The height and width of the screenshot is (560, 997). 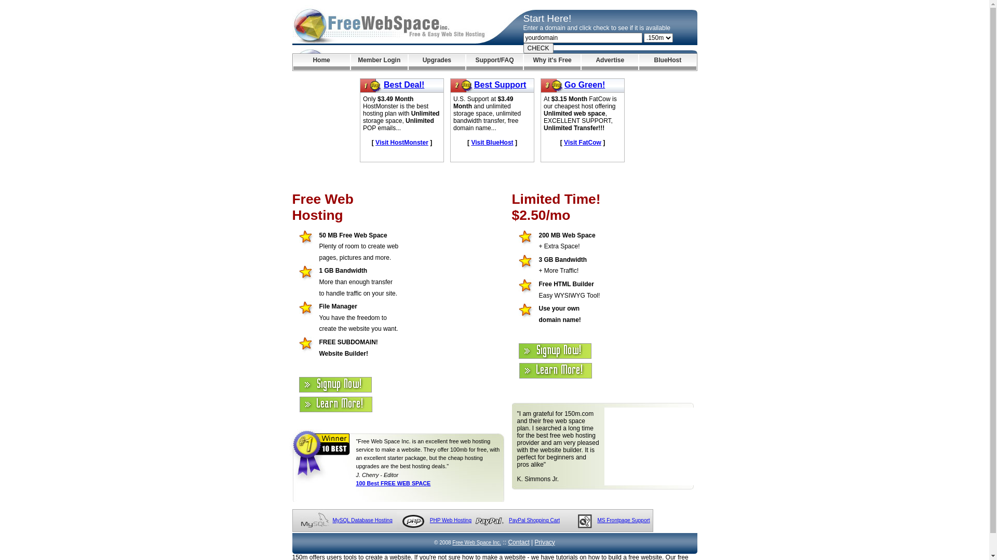 I want to click on 'Privacy', so click(x=535, y=541).